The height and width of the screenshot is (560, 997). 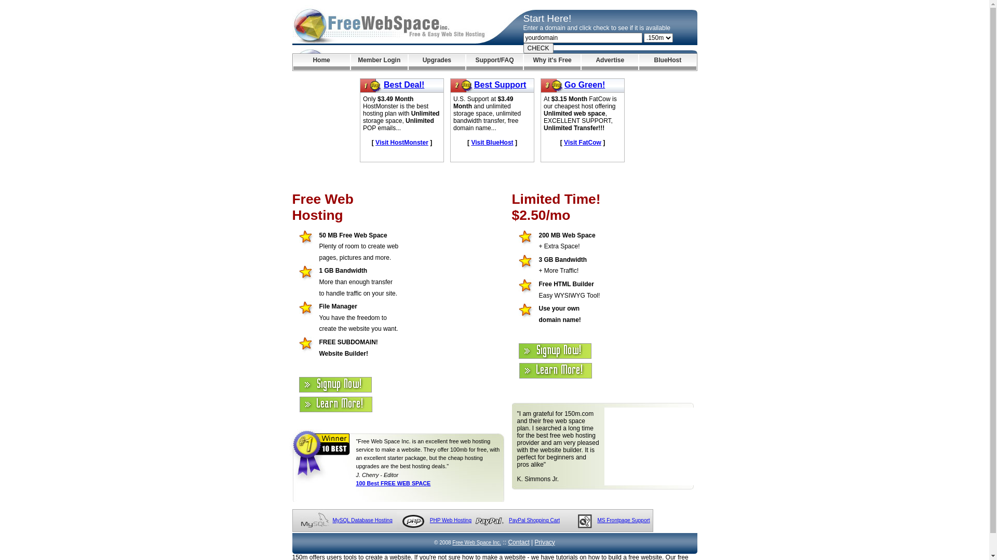 I want to click on 'Privacy', so click(x=535, y=541).